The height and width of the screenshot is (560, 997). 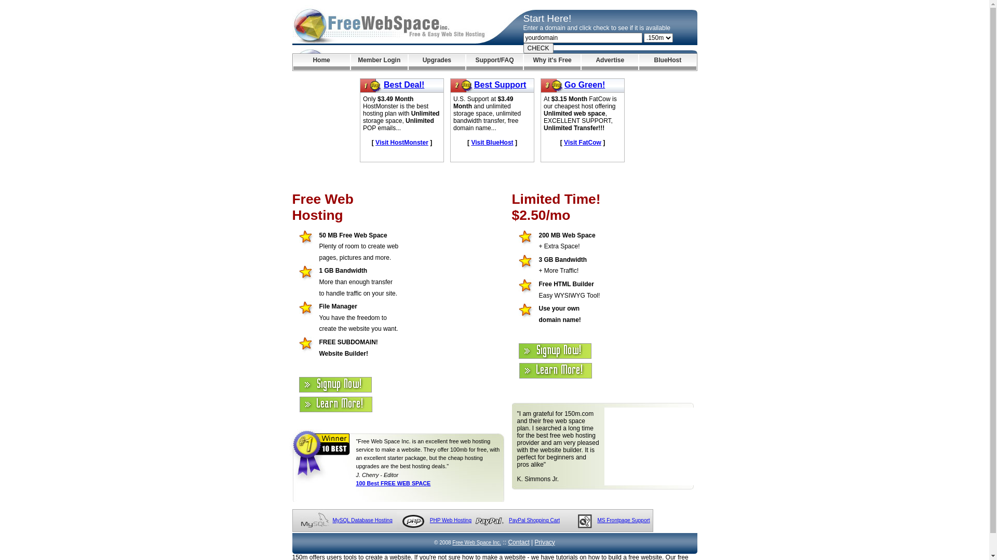 I want to click on 'Privacy', so click(x=535, y=541).